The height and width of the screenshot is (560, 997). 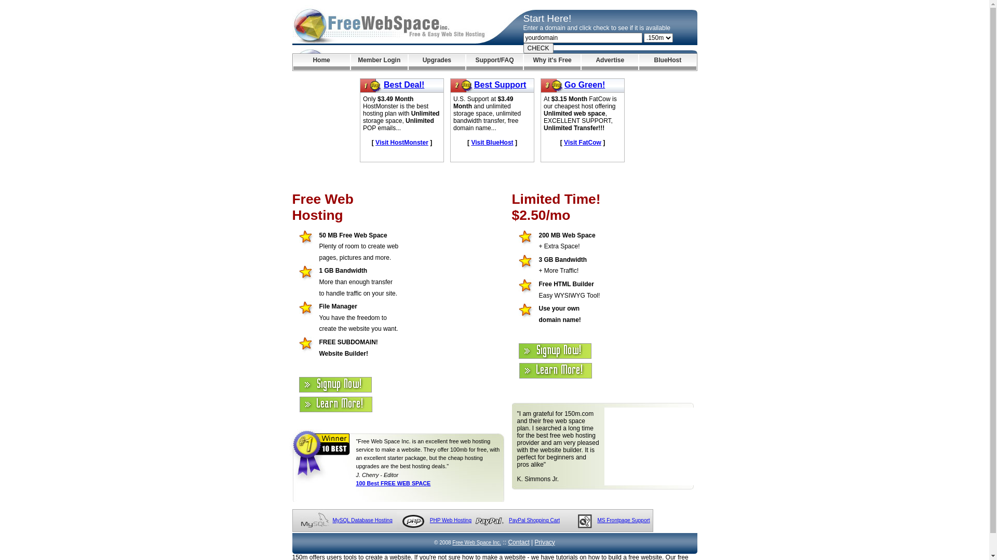 I want to click on 'Privacy', so click(x=535, y=541).